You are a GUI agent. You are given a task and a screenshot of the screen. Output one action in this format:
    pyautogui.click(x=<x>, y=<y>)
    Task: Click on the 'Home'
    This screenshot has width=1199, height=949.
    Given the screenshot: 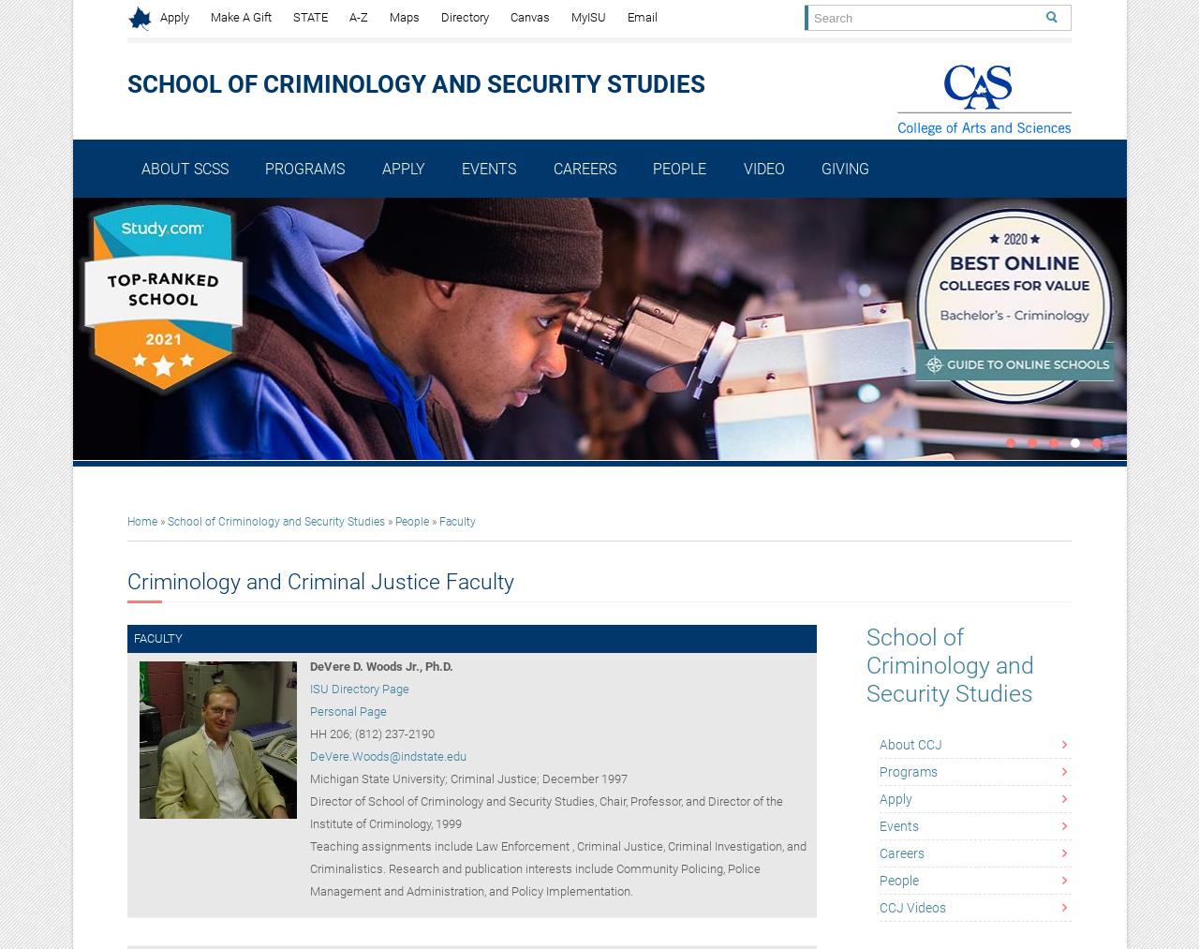 What is the action you would take?
    pyautogui.click(x=141, y=522)
    